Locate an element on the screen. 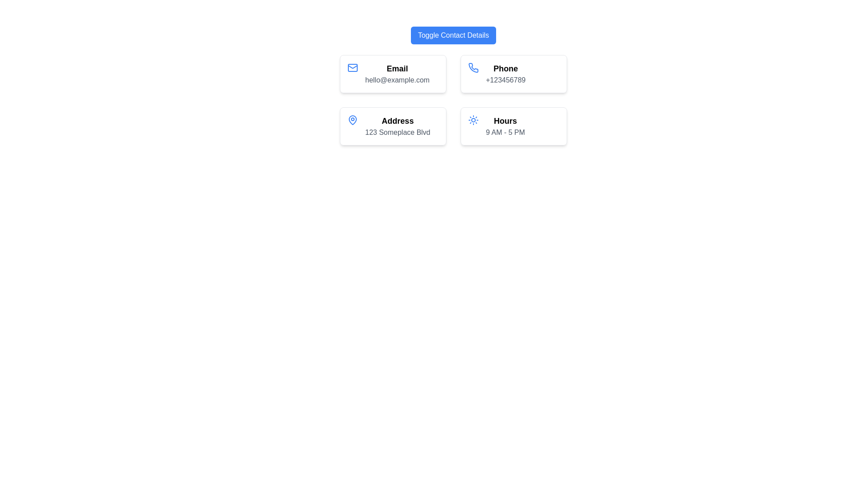 This screenshot has height=479, width=852. the pin icon located in the 'Address' section, which indicates a location and is positioned to the left of the 'Address' label within the contact information grid is located at coordinates (352, 120).